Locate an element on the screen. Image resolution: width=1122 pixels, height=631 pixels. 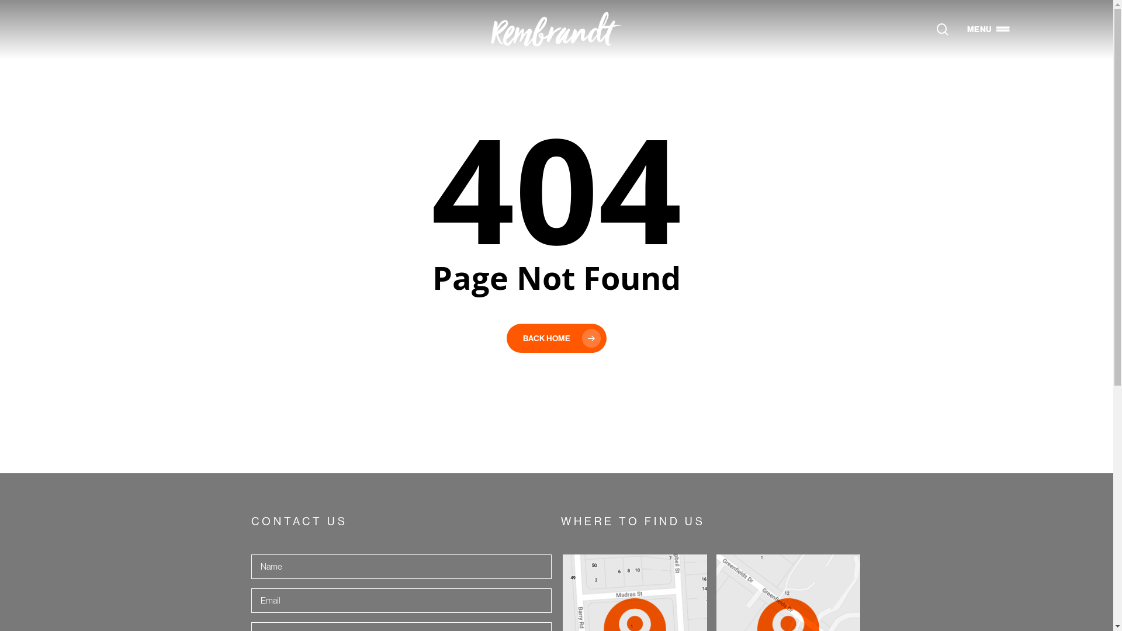
'BACK HOME' is located at coordinates (507, 338).